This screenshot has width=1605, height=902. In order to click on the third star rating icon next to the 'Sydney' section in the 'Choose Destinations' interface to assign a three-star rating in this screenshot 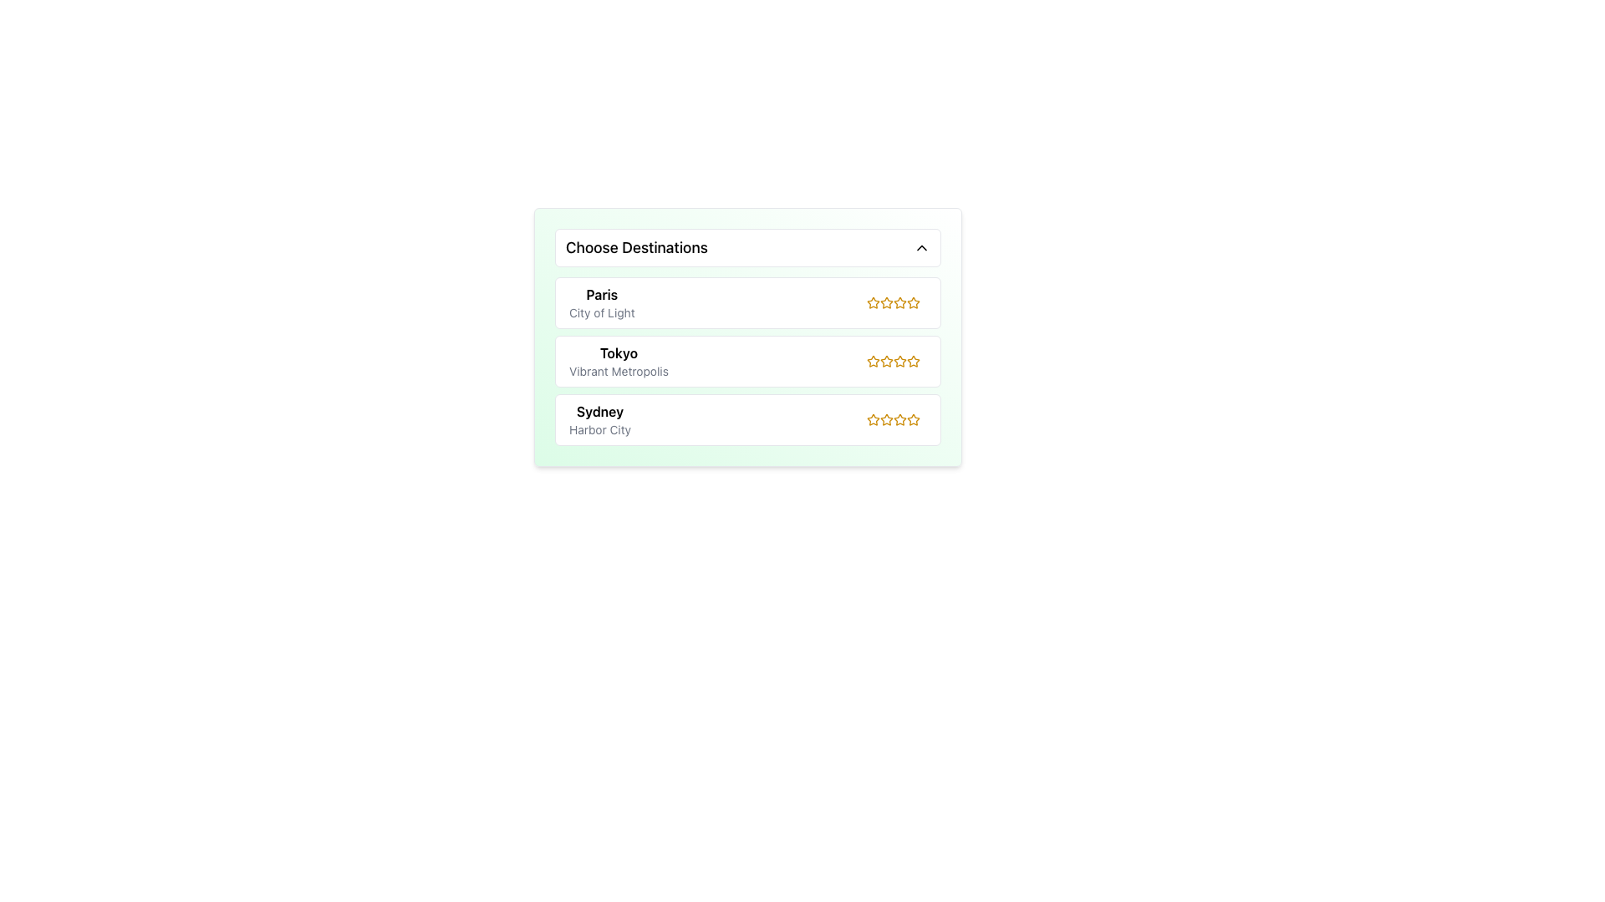, I will do `click(899, 418)`.